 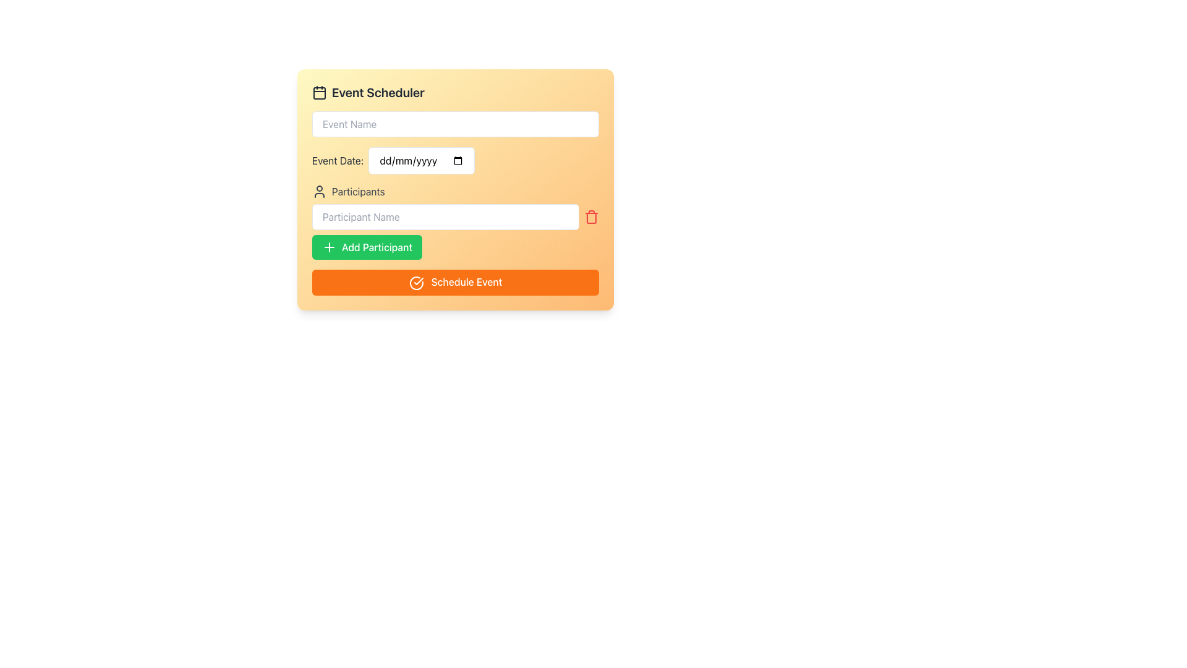 What do you see at coordinates (320, 191) in the screenshot?
I see `the small person silhouette icon located to the left of the 'Participants' label, which is positioned below the 'Event Date' field` at bounding box center [320, 191].